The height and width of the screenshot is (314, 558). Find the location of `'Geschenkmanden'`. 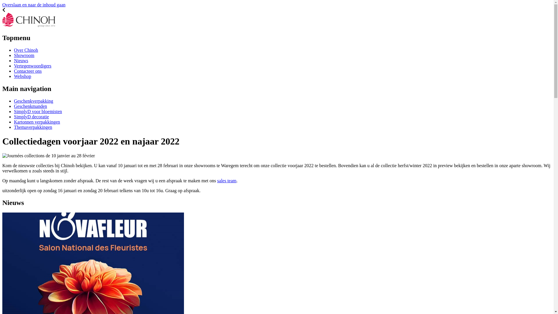

'Geschenkmanden' is located at coordinates (30, 106).